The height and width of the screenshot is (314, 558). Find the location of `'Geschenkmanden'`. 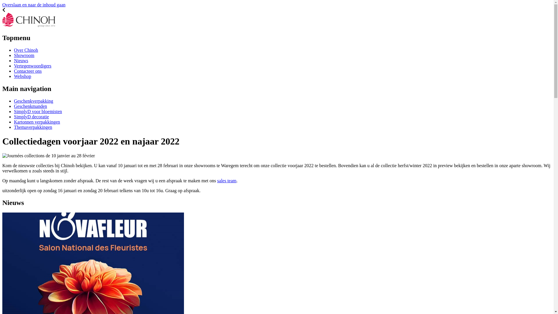

'Geschenkmanden' is located at coordinates (30, 106).